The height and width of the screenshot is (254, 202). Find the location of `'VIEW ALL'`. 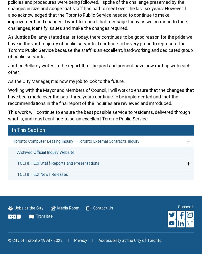

'VIEW ALL' is located at coordinates (189, 223).